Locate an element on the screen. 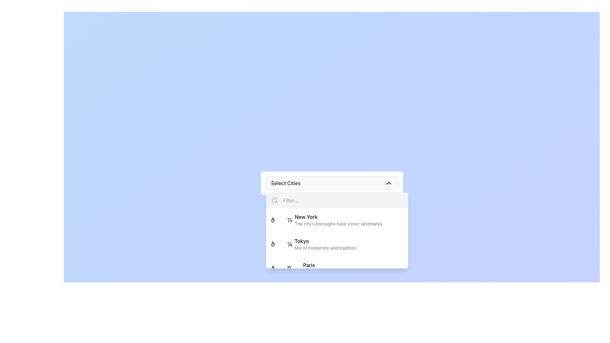 The height and width of the screenshot is (343, 610). the third entry in the dropdown list displaying the city 'Paris', which includes an emoji icon and descriptive text 'City of Love and Lights' is located at coordinates (336, 268).